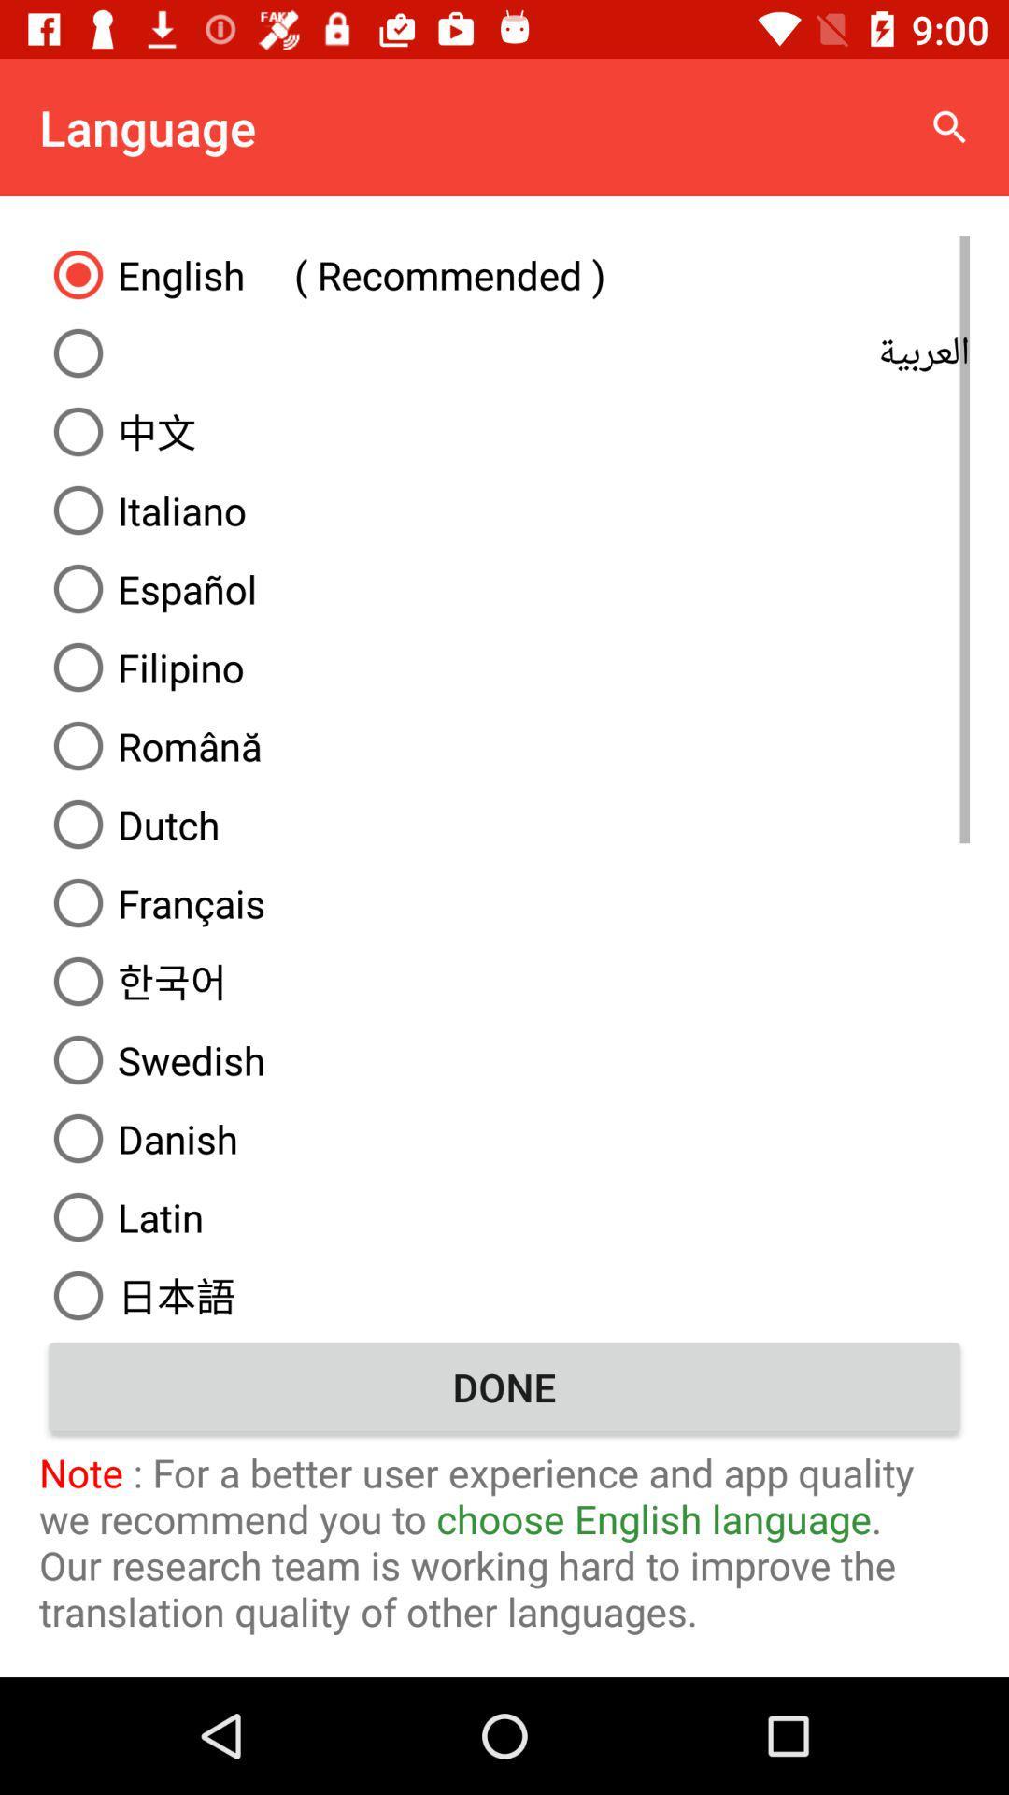 This screenshot has width=1009, height=1795. Describe the element at coordinates (504, 587) in the screenshot. I see `icon above filipino item` at that location.